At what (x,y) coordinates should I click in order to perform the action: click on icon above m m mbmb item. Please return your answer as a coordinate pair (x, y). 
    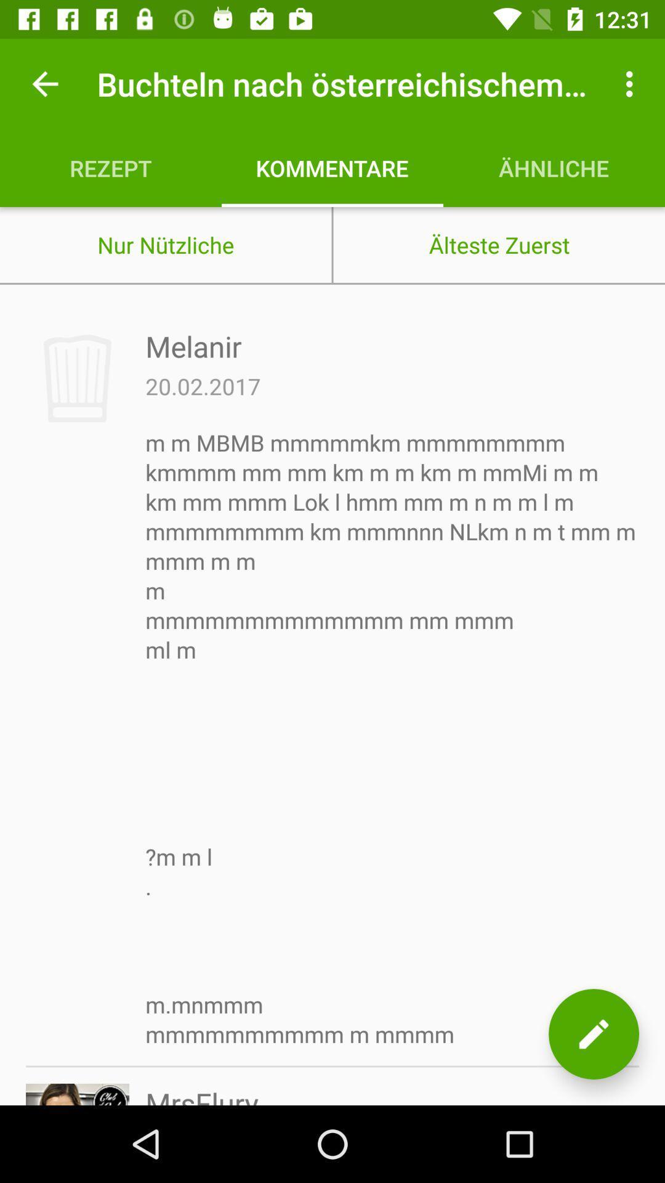
    Looking at the image, I should click on (203, 386).